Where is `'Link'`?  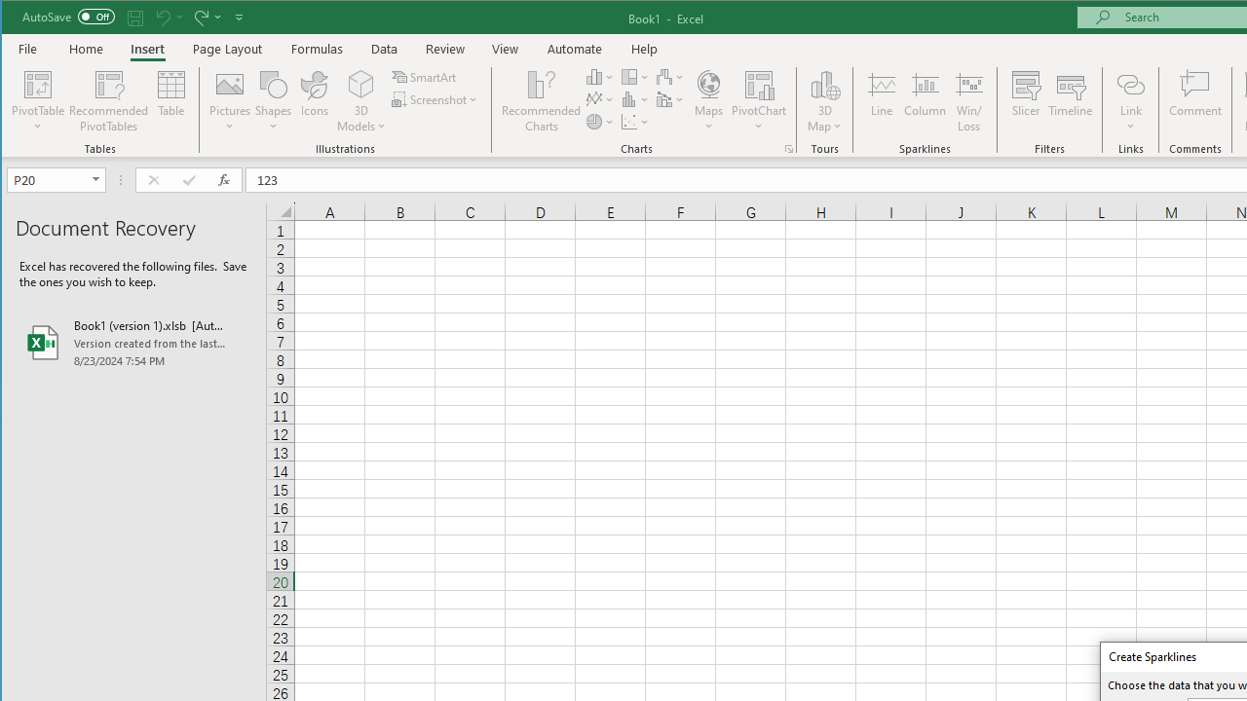 'Link' is located at coordinates (1130, 83).